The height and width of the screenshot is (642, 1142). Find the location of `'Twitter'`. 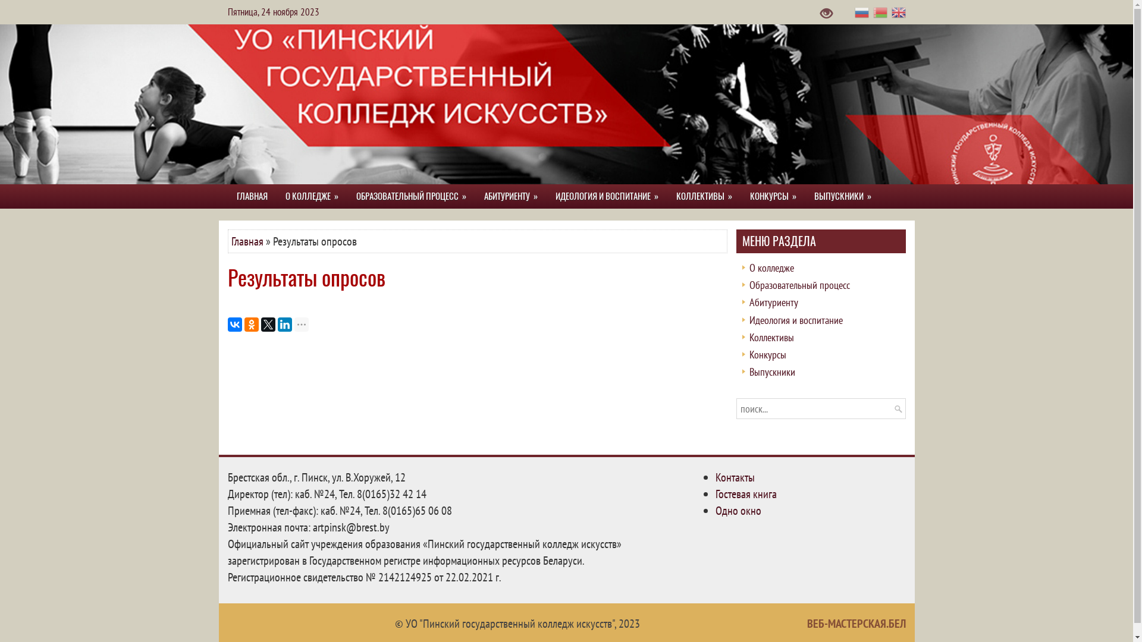

'Twitter' is located at coordinates (259, 325).